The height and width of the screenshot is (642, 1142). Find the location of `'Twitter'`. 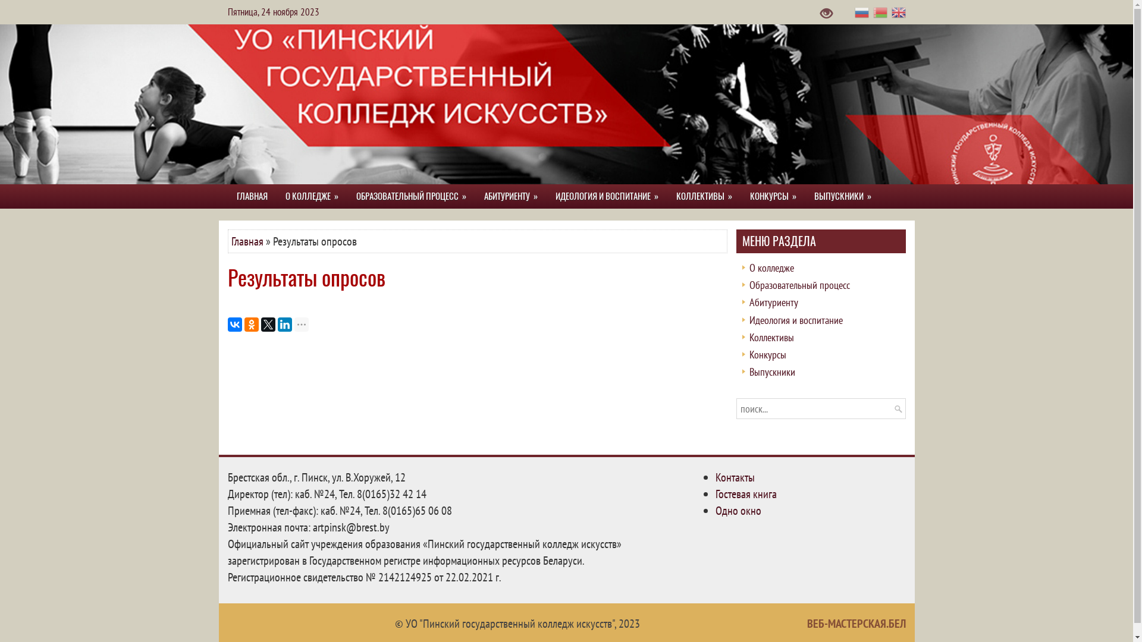

'Twitter' is located at coordinates (259, 325).